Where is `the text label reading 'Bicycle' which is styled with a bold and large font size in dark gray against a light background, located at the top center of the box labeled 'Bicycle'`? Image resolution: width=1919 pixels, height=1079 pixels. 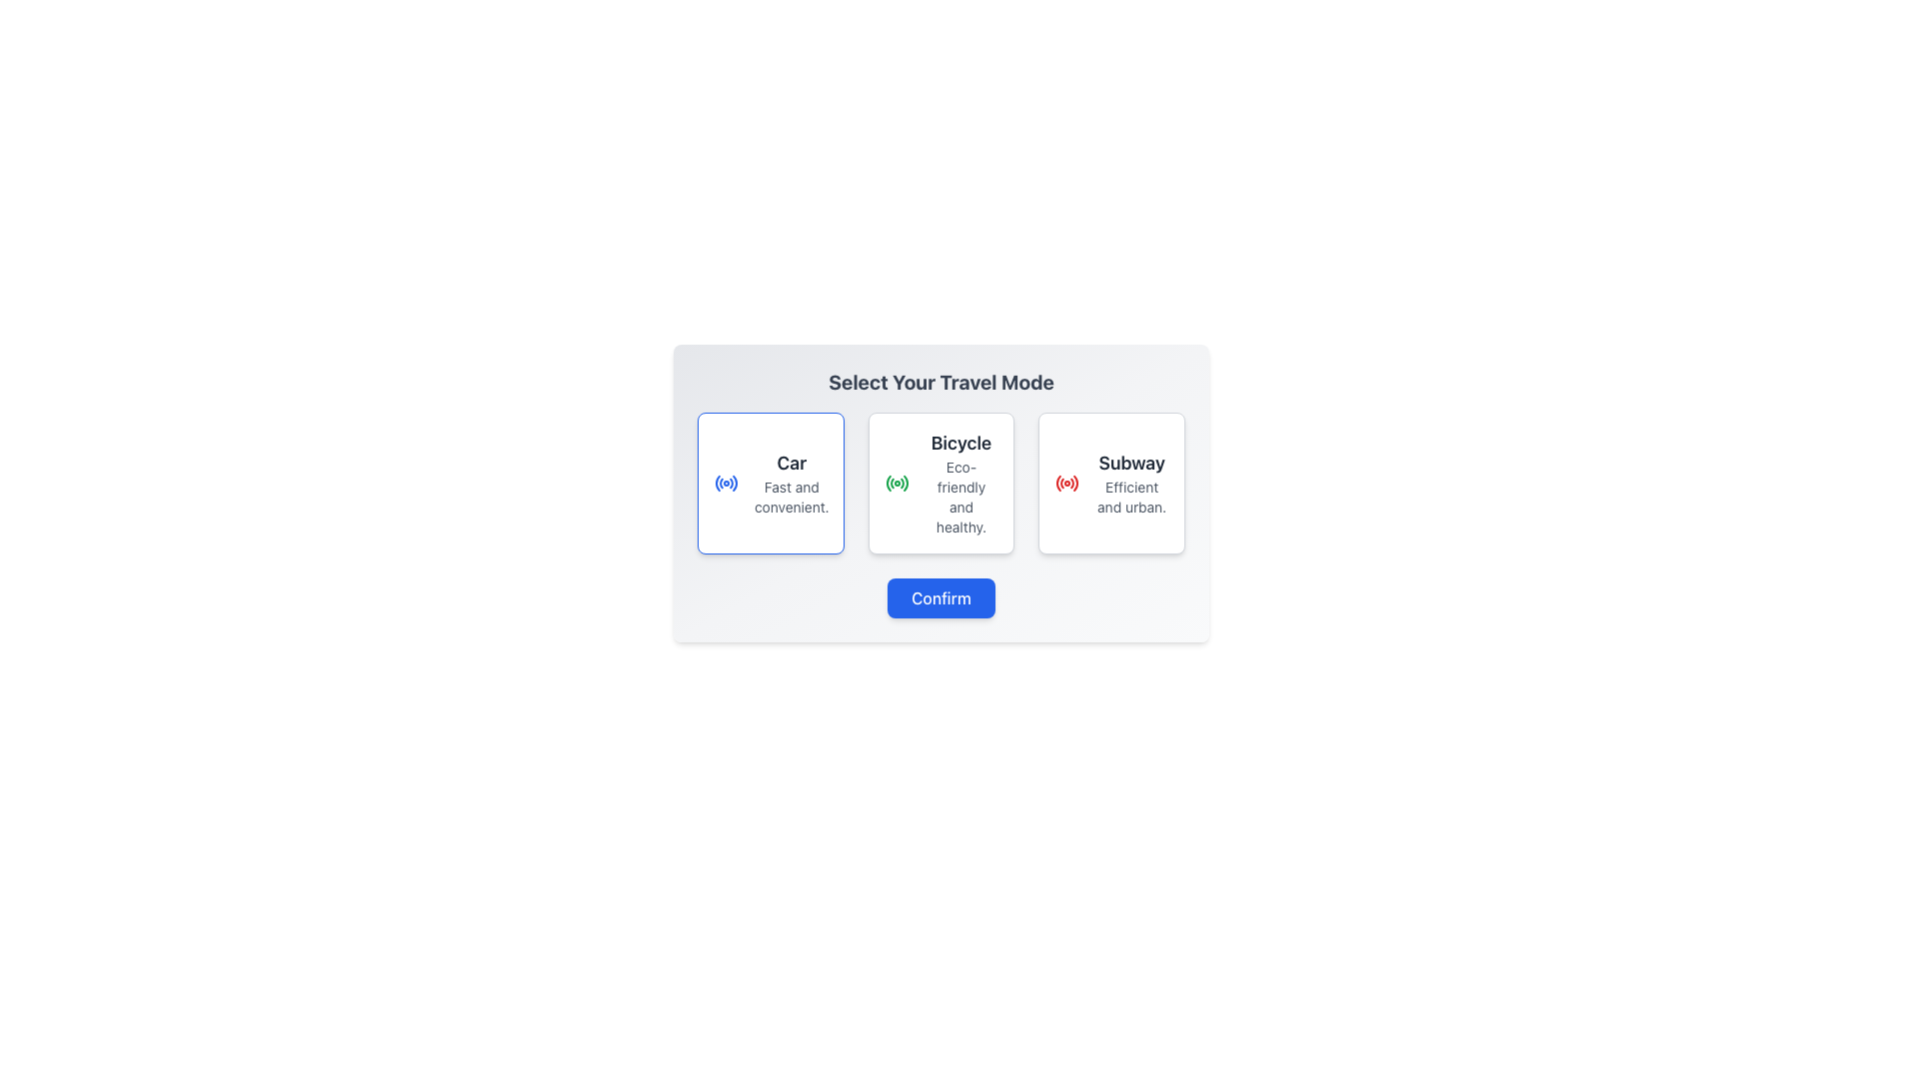 the text label reading 'Bicycle' which is styled with a bold and large font size in dark gray against a light background, located at the top center of the box labeled 'Bicycle' is located at coordinates (960, 442).